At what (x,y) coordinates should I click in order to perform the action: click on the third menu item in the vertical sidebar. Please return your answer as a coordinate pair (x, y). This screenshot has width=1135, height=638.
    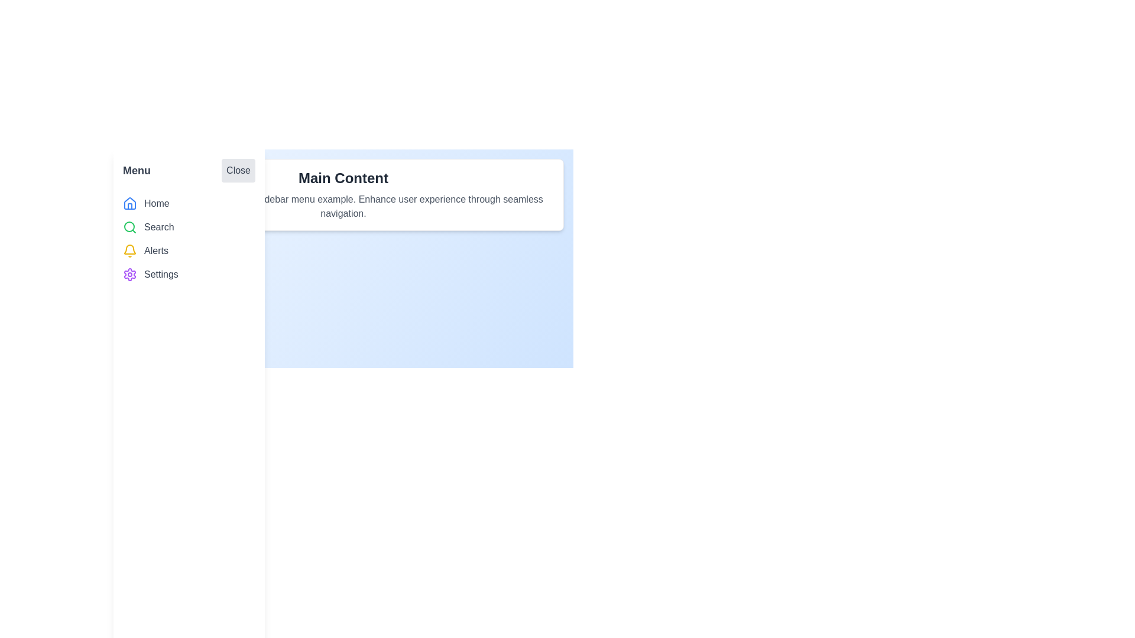
    Looking at the image, I should click on (189, 250).